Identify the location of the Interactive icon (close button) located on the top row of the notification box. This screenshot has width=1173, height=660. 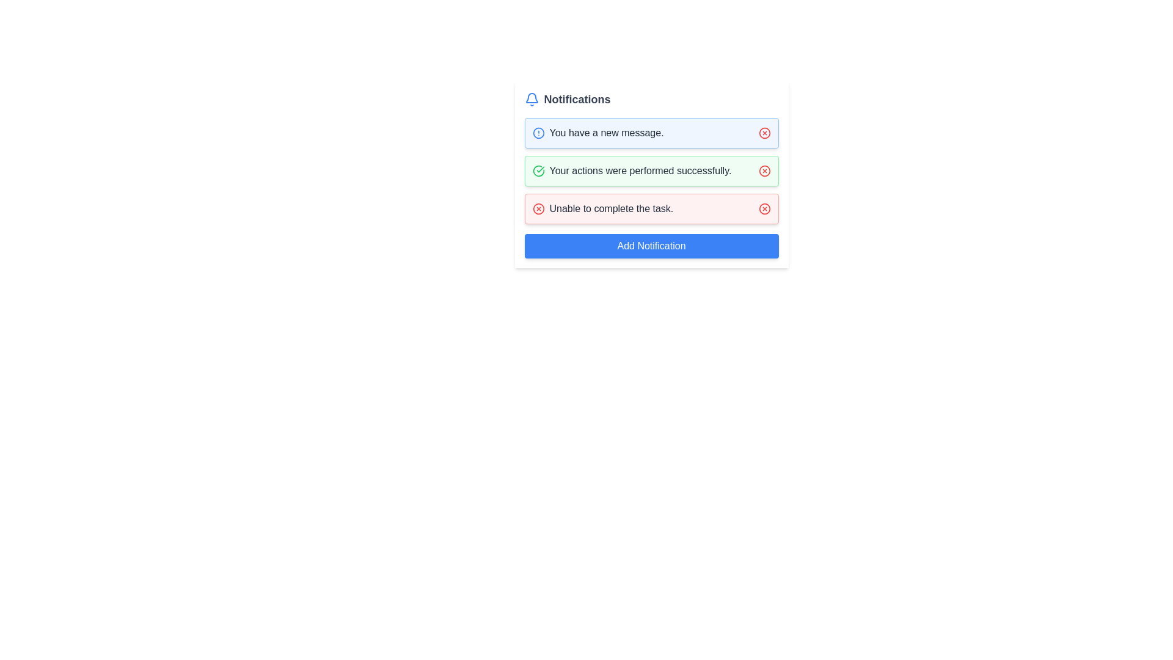
(764, 133).